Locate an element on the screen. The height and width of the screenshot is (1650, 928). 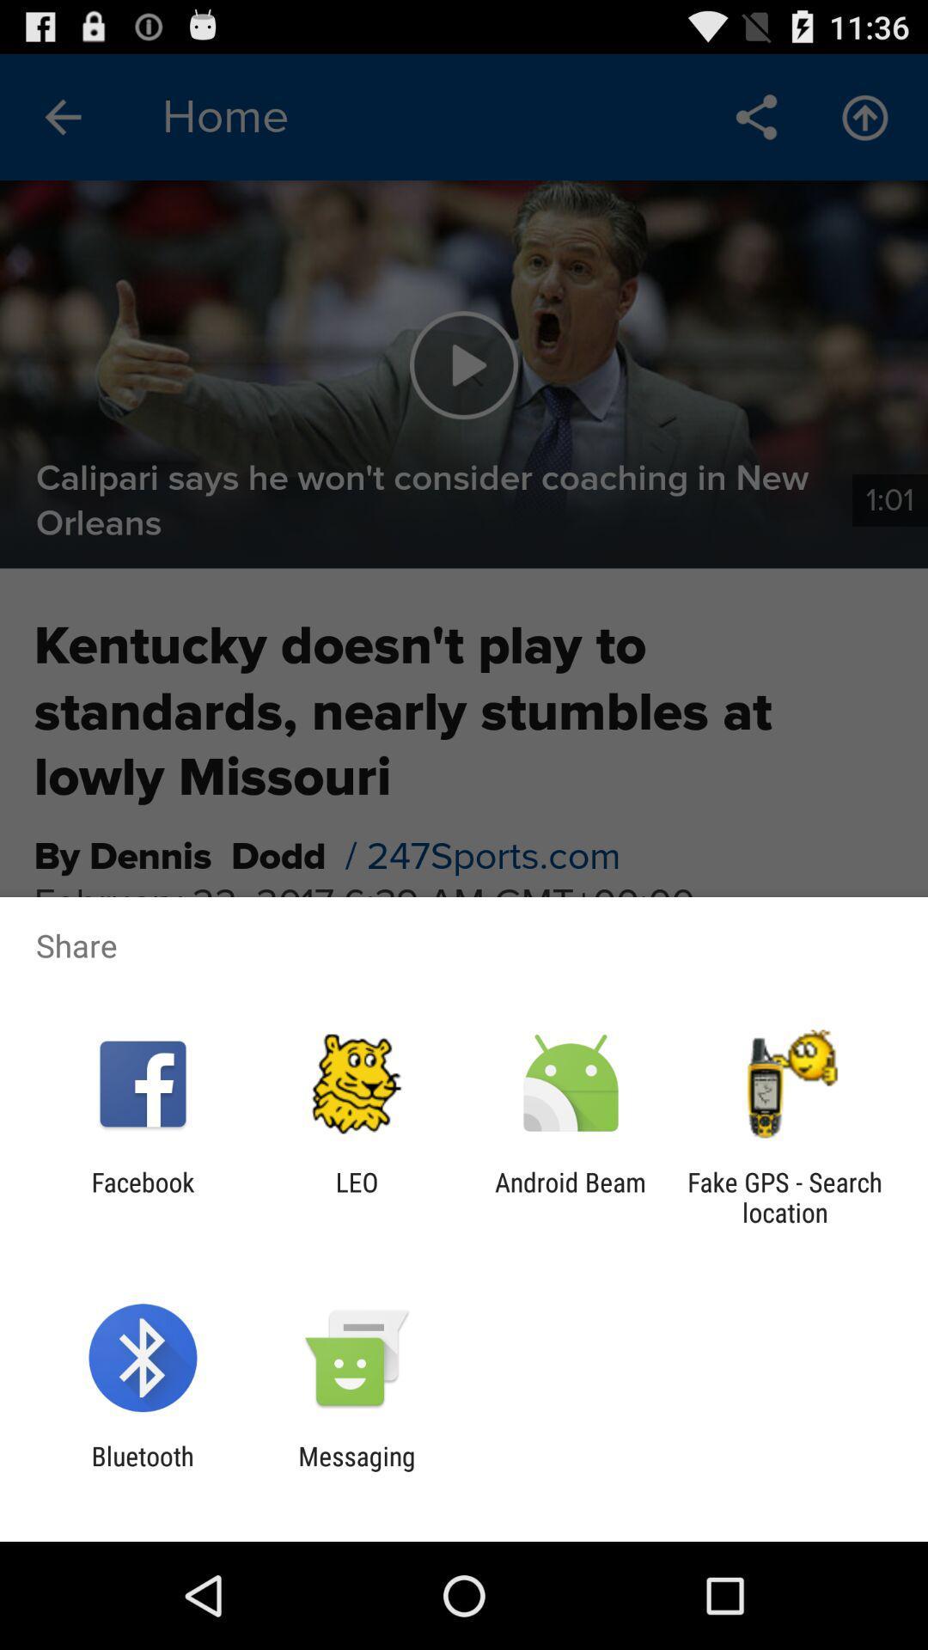
the fake gps search at the bottom right corner is located at coordinates (785, 1196).